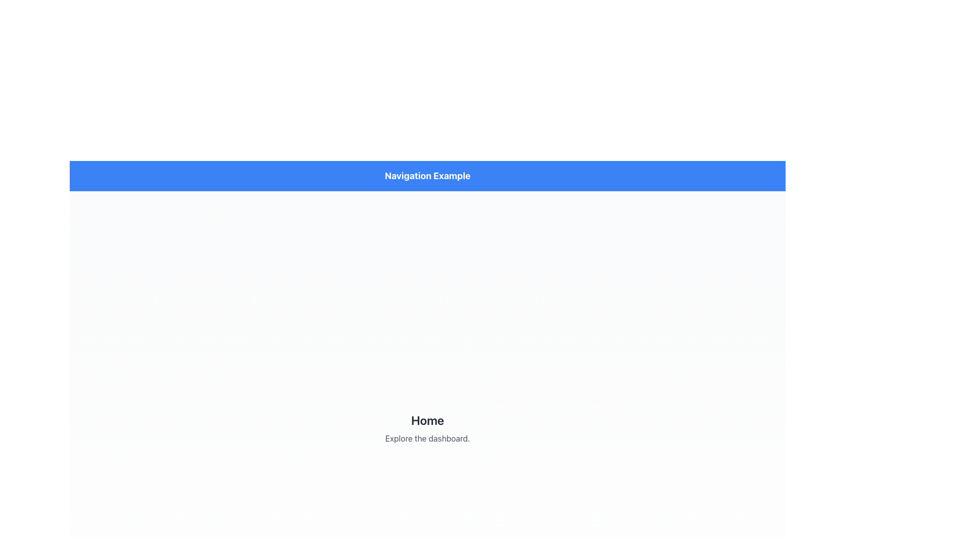 This screenshot has width=970, height=545. What do you see at coordinates (427, 175) in the screenshot?
I see `the Header Bar titled 'Navigation Example', which is a full-width banner at the top of the interface with a blue background and bold white text` at bounding box center [427, 175].